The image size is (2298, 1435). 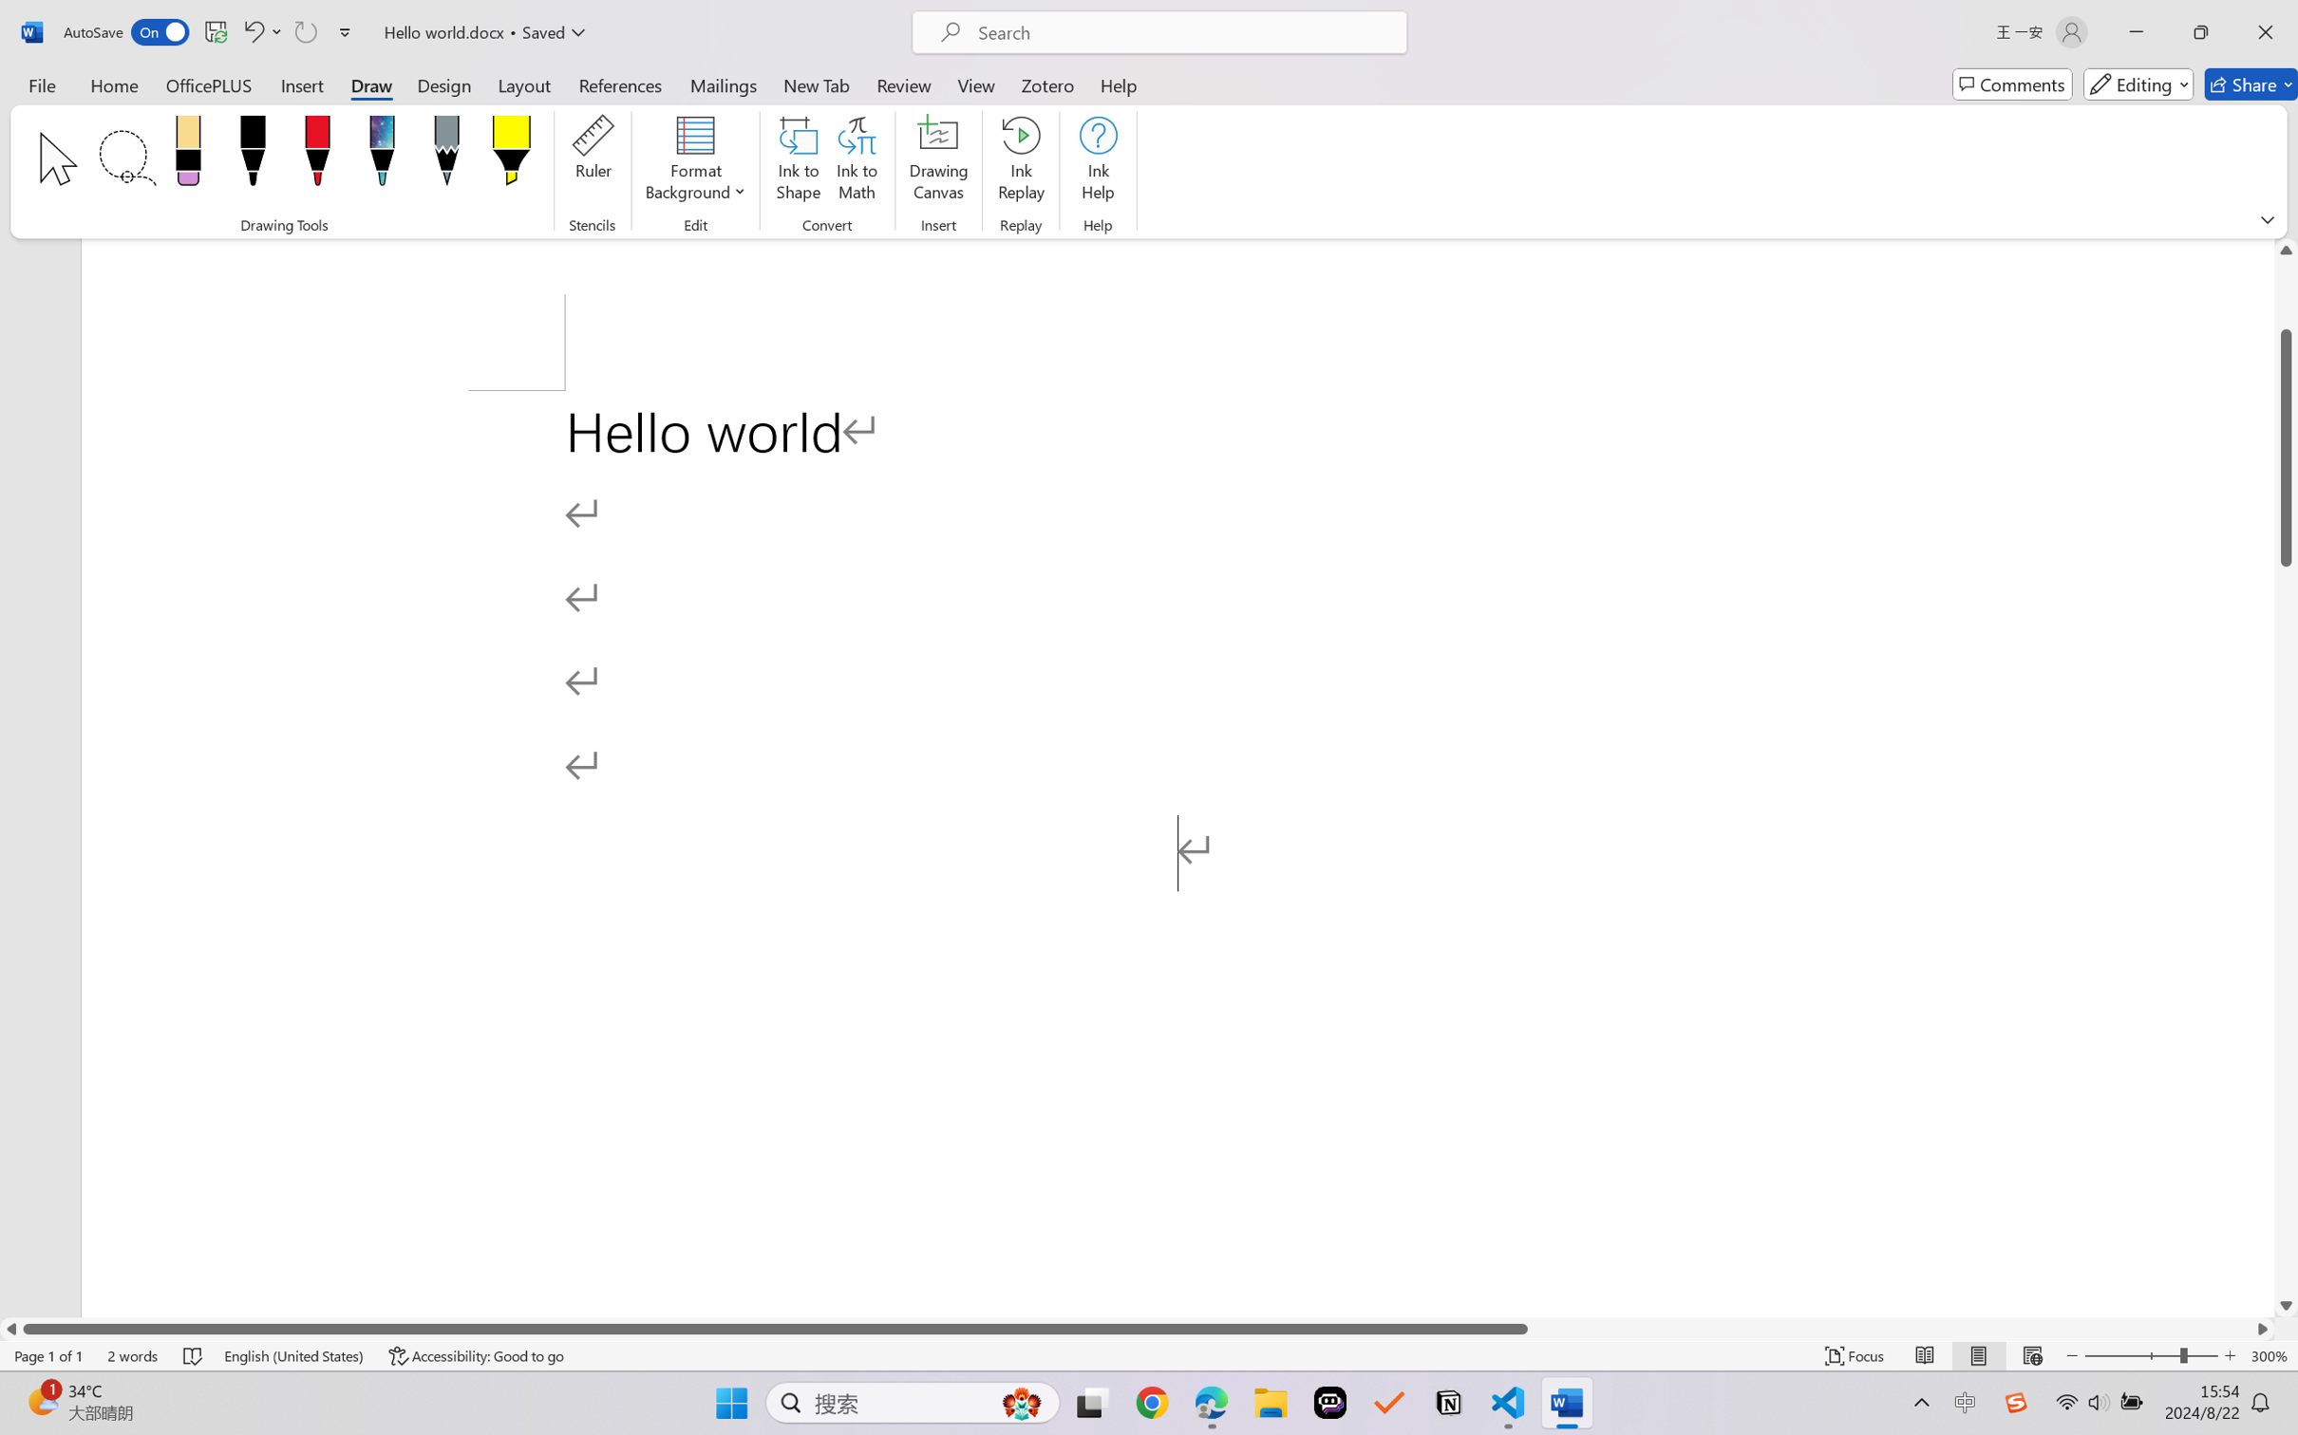 What do you see at coordinates (443, 84) in the screenshot?
I see `'Design'` at bounding box center [443, 84].